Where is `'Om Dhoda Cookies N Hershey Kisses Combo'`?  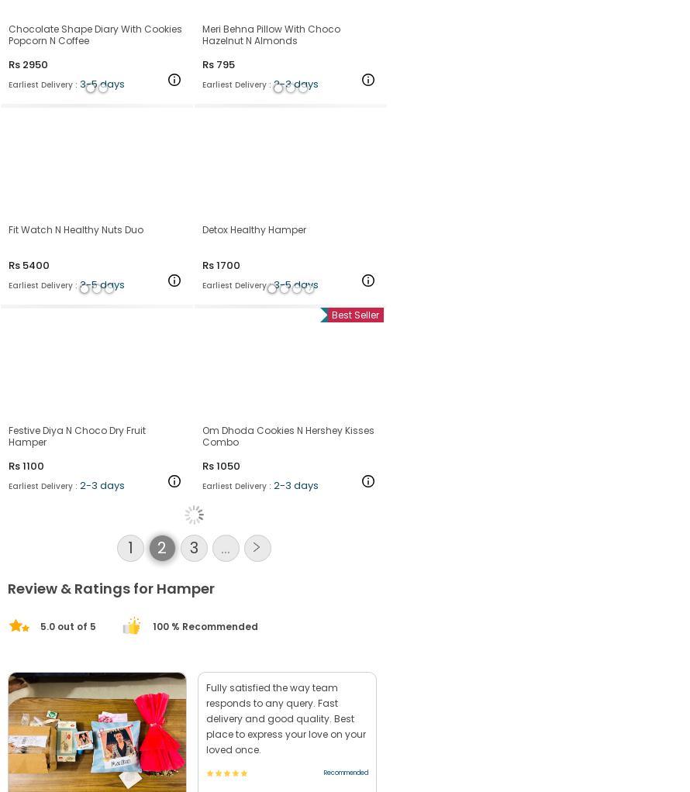
'Om Dhoda Cookies N Hershey Kisses Combo' is located at coordinates (288, 587).